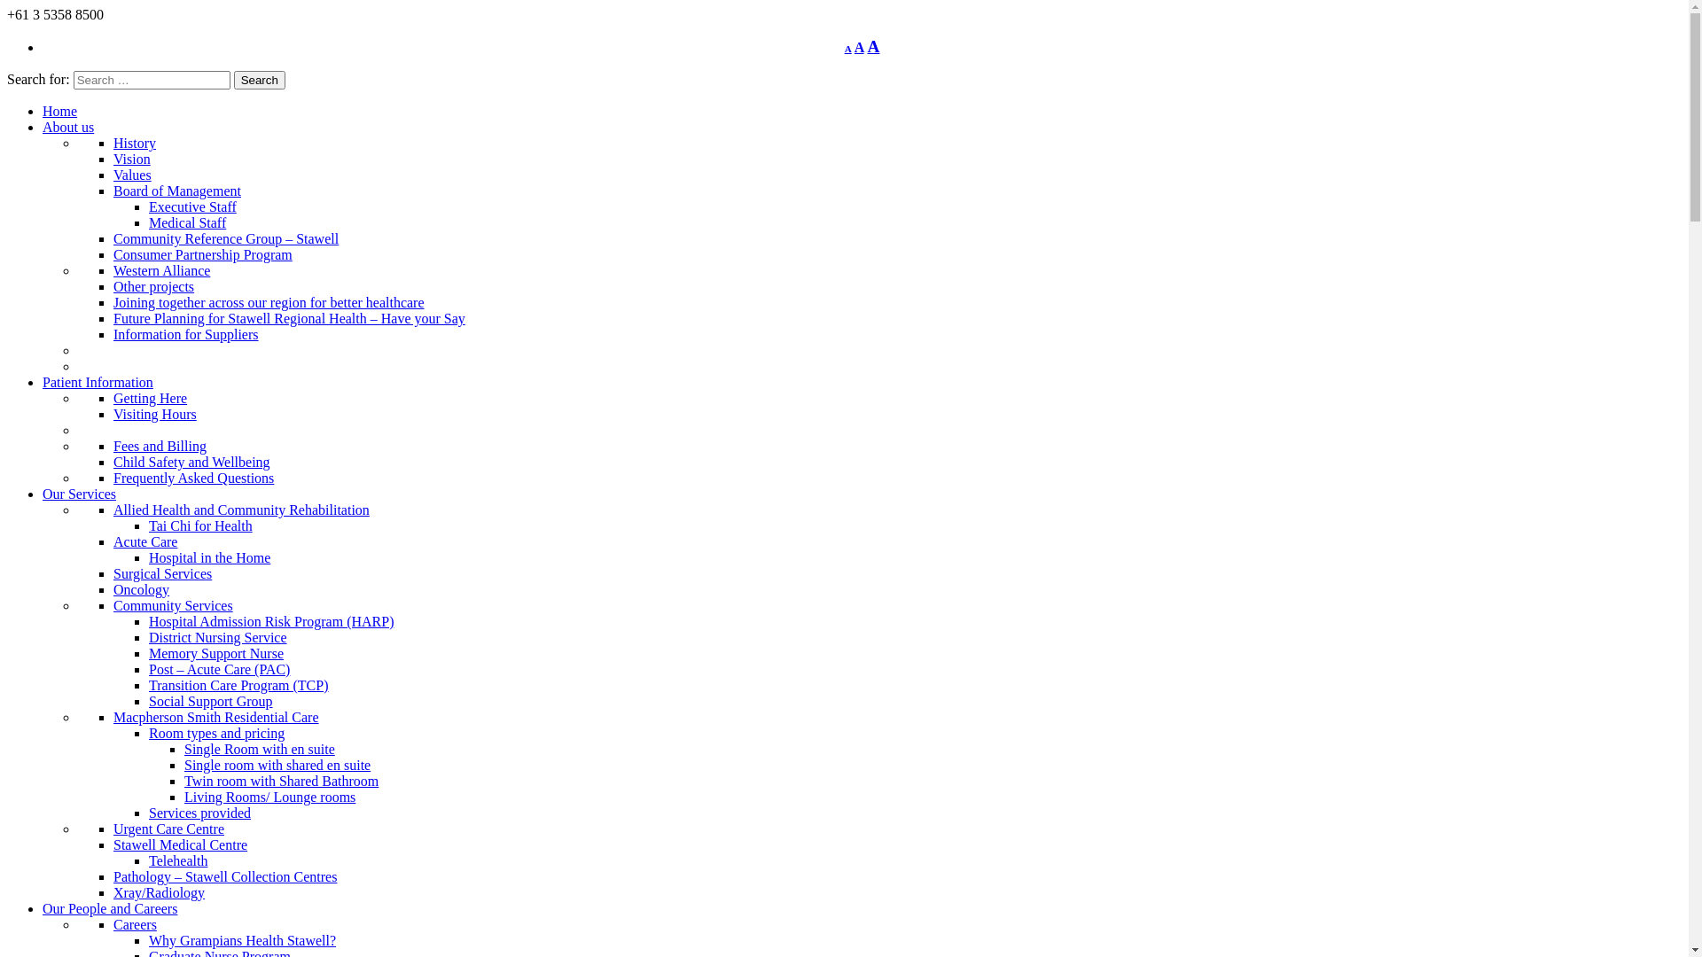 This screenshot has height=957, width=1702. I want to click on 'Search', so click(258, 80).